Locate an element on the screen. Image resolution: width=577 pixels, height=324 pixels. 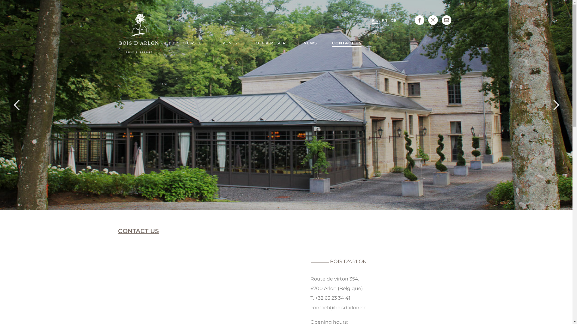
'CONTACT US' is located at coordinates (347, 43).